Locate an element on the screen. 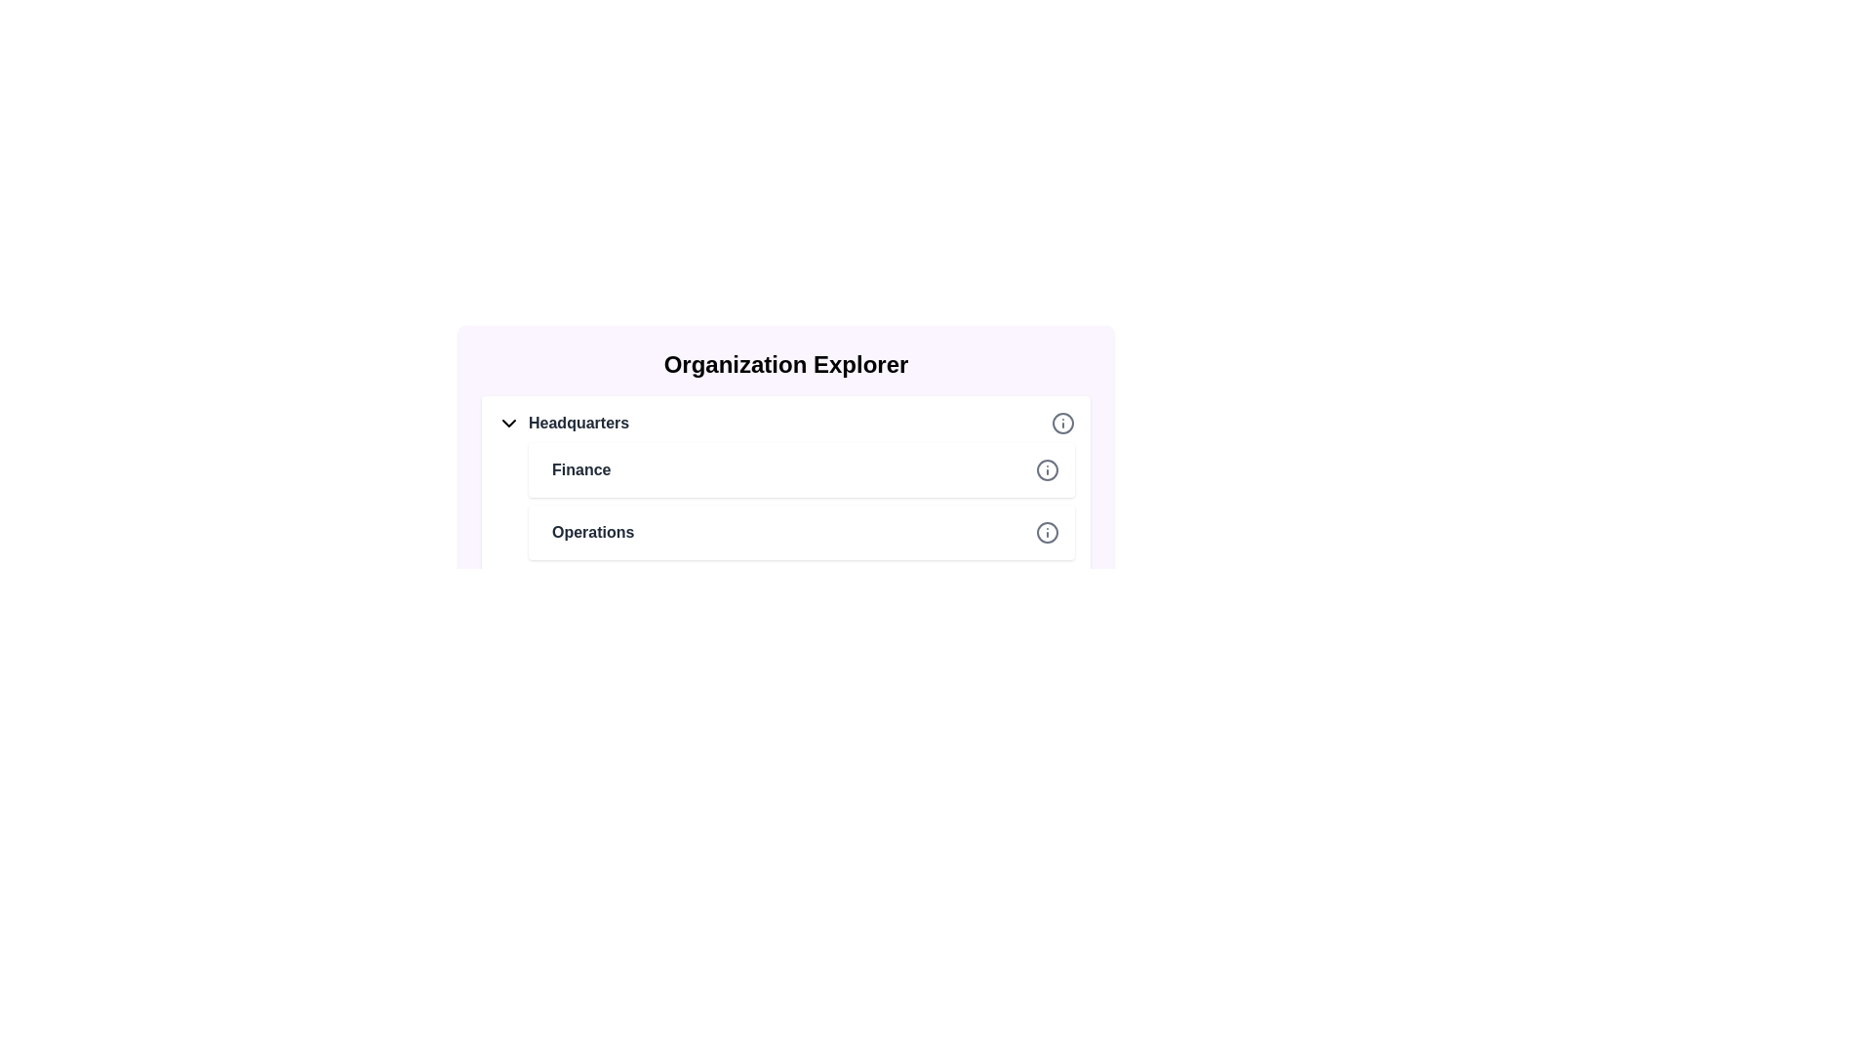 The height and width of the screenshot is (1054, 1873). the icon located in the rightmost part of the 'Finance' entry under 'Headquarters' in the 'Organization Explorer' section is located at coordinates (1047, 470).